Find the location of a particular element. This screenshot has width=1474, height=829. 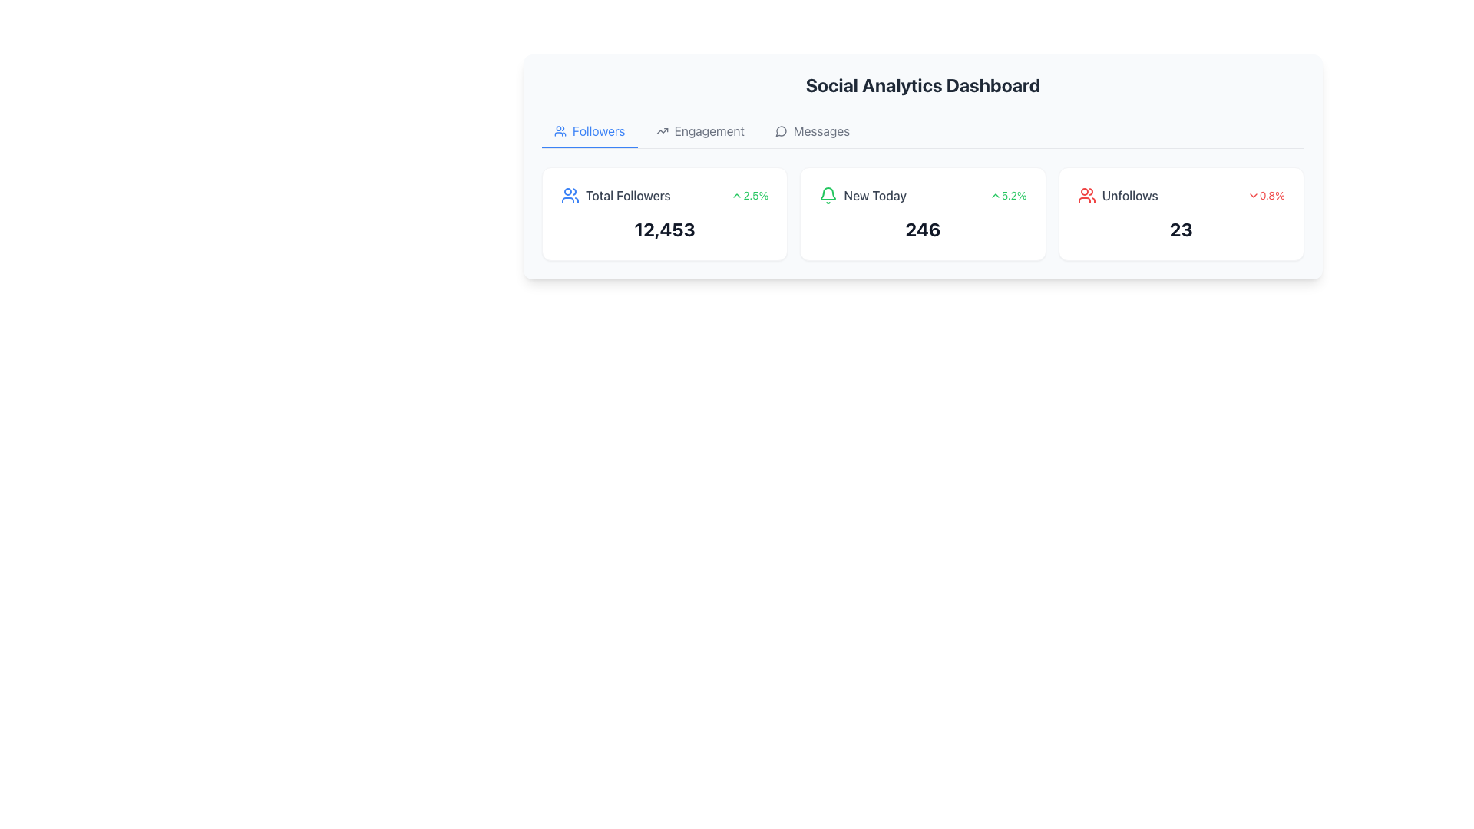

displayed value '12,453' from the text display element located under the 'Total Followers' heading in the 'Followers' section of the dashboard is located at coordinates (665, 230).